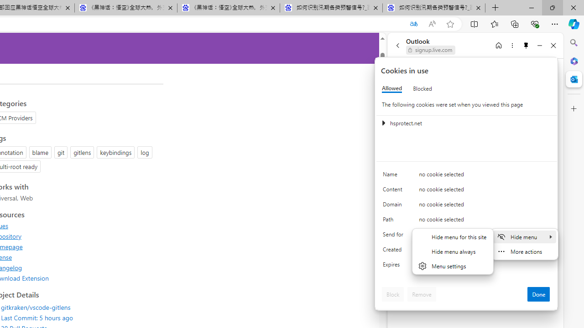 The width and height of the screenshot is (584, 328). Describe the element at coordinates (395, 191) in the screenshot. I see `'Content'` at that location.